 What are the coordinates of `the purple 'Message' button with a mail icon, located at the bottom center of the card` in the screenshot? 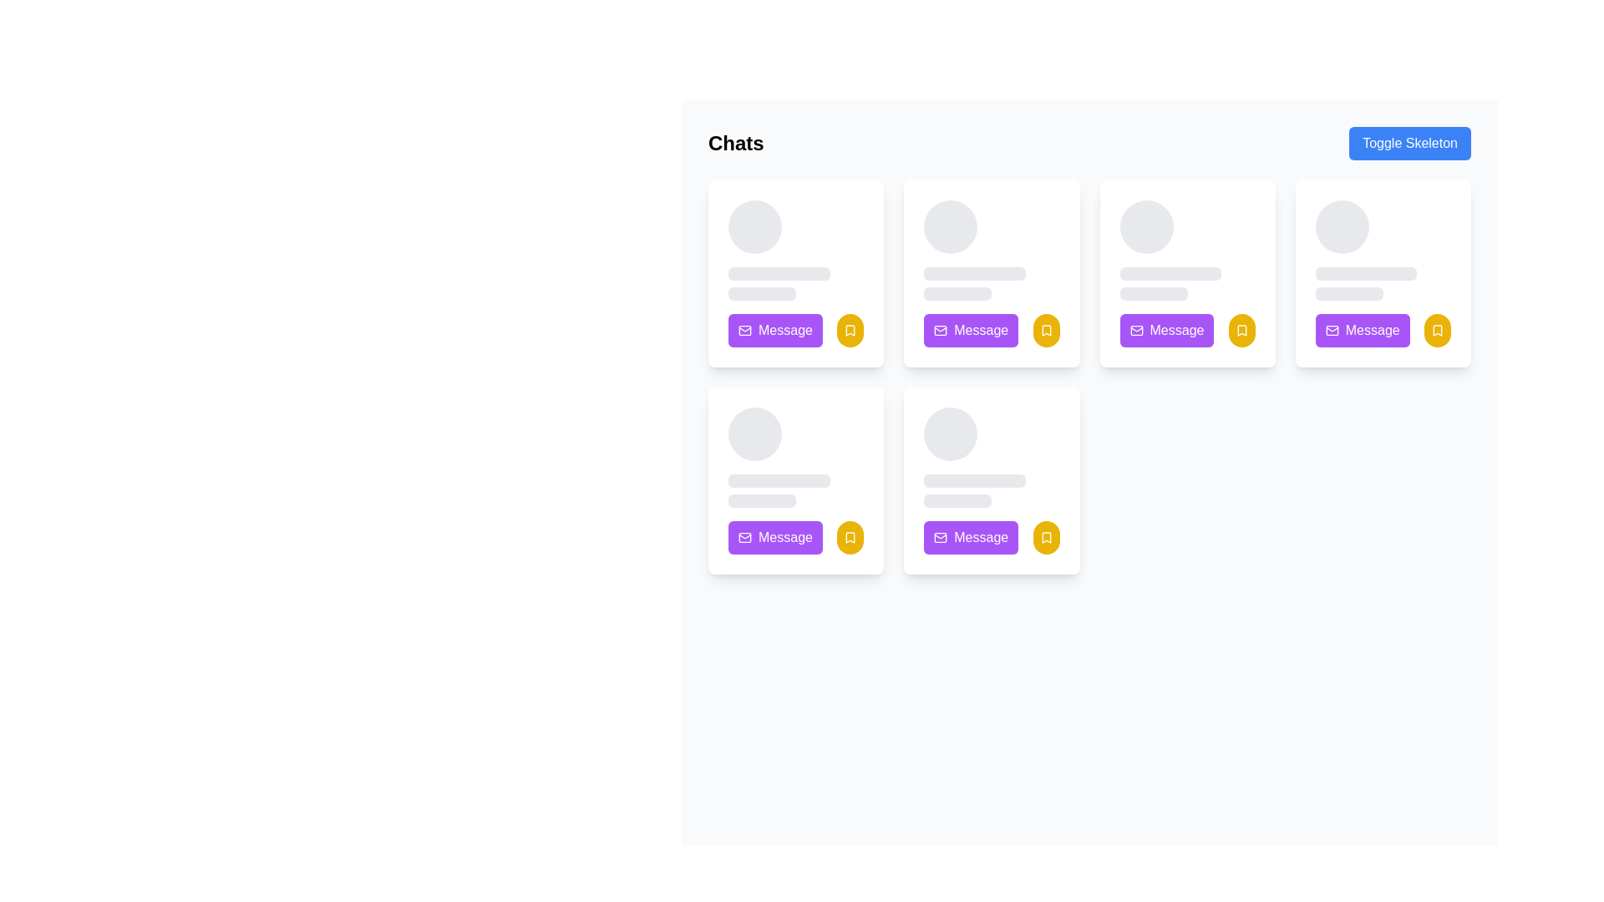 It's located at (1165, 331).